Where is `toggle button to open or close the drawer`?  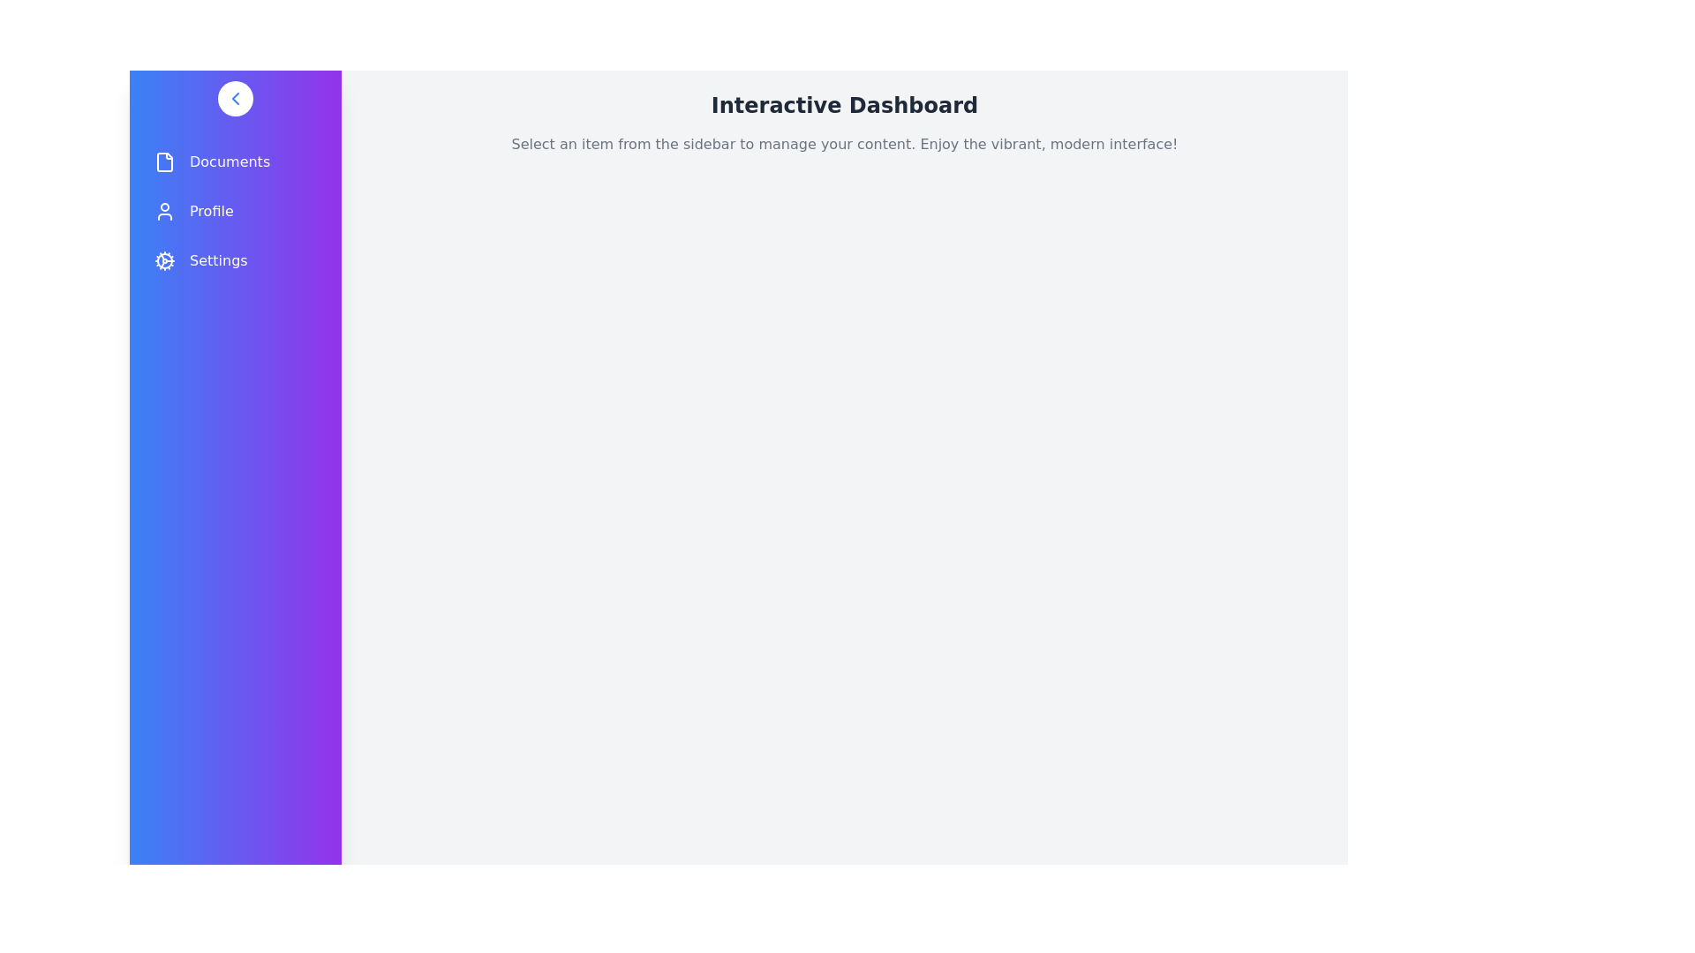 toggle button to open or close the drawer is located at coordinates (235, 98).